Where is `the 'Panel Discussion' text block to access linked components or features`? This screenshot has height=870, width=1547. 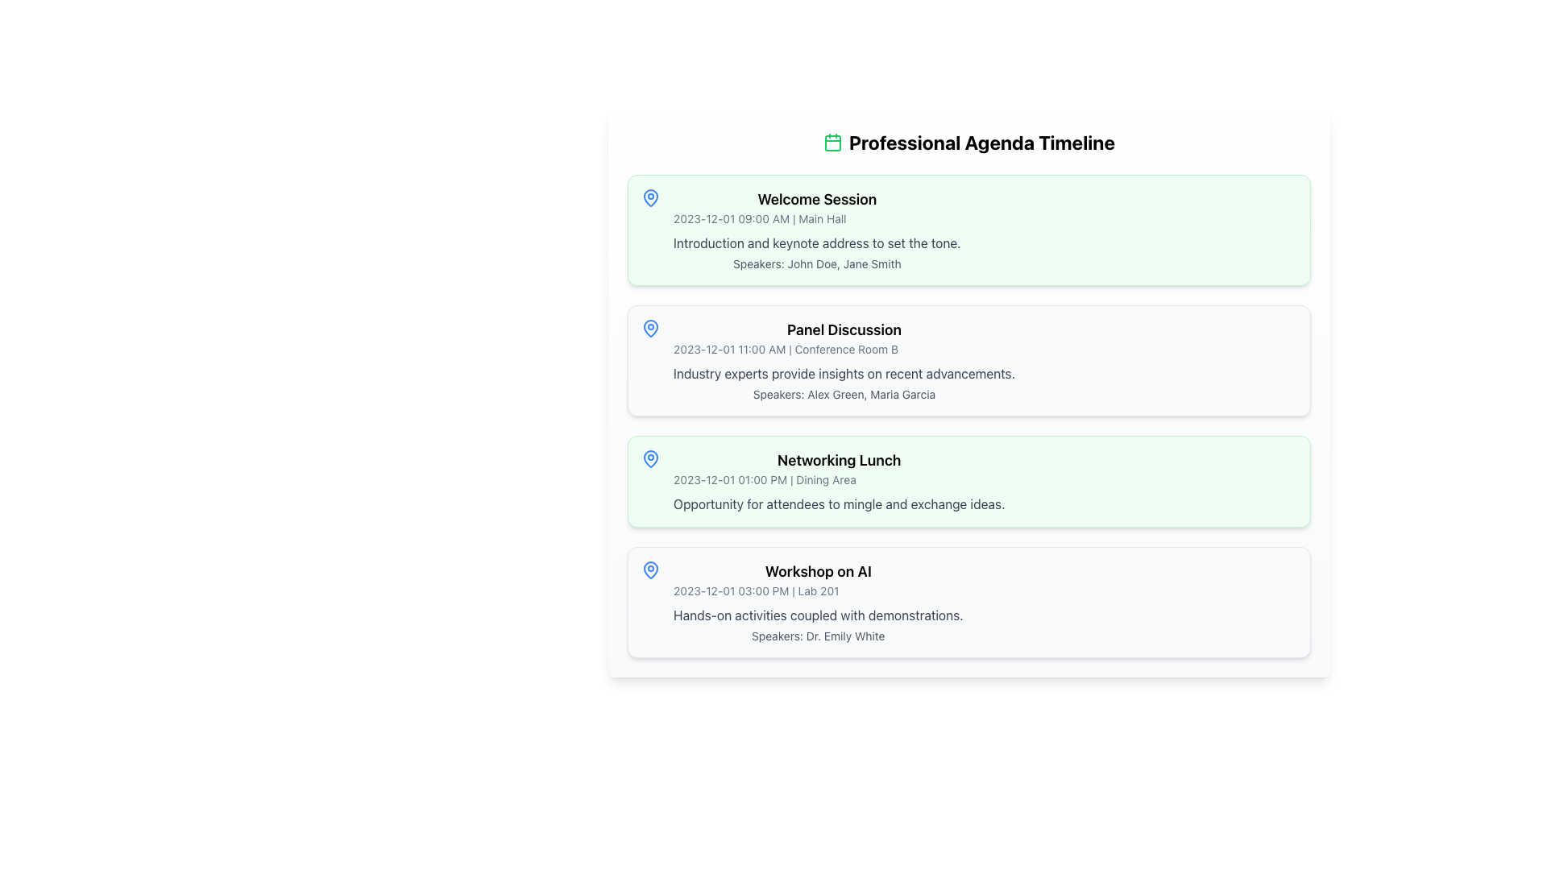 the 'Panel Discussion' text block to access linked components or features is located at coordinates (843, 359).